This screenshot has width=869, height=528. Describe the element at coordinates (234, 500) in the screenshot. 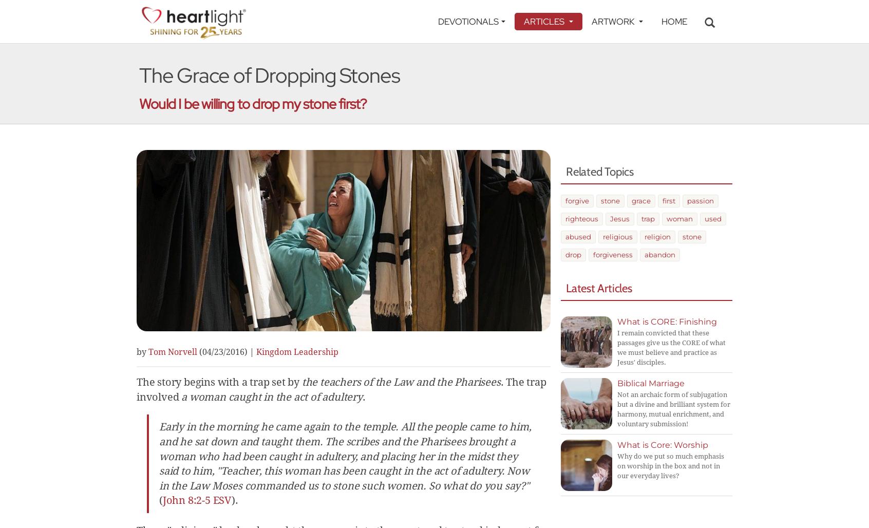

I see `').'` at that location.